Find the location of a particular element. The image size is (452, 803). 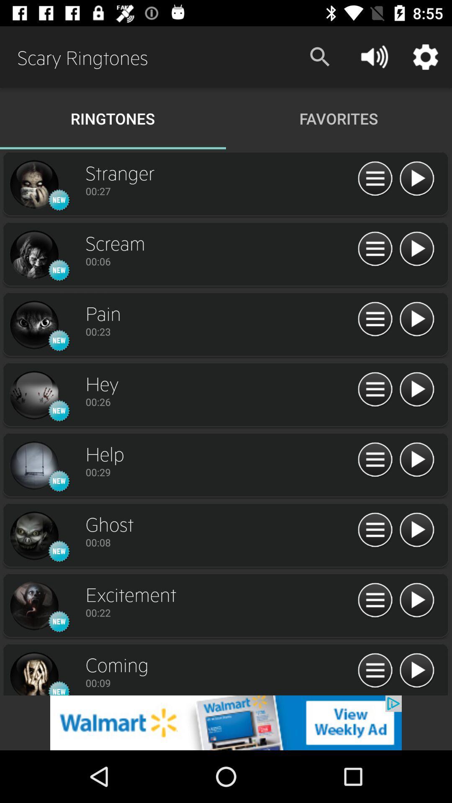

play is located at coordinates (416, 249).